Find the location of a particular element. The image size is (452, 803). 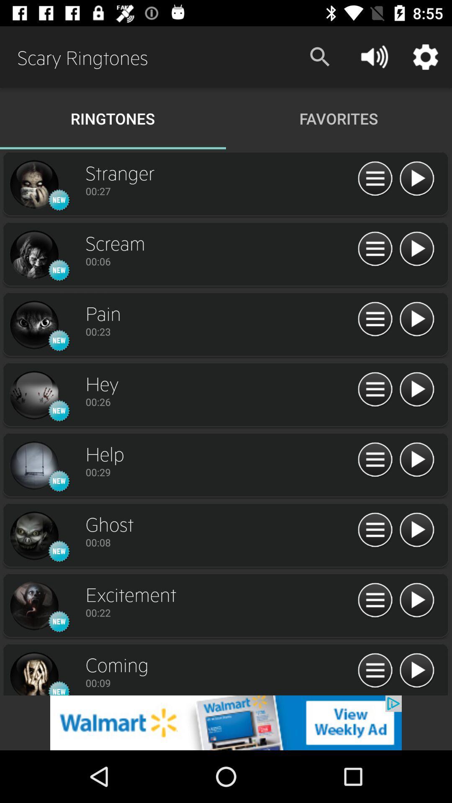

play is located at coordinates (416, 249).